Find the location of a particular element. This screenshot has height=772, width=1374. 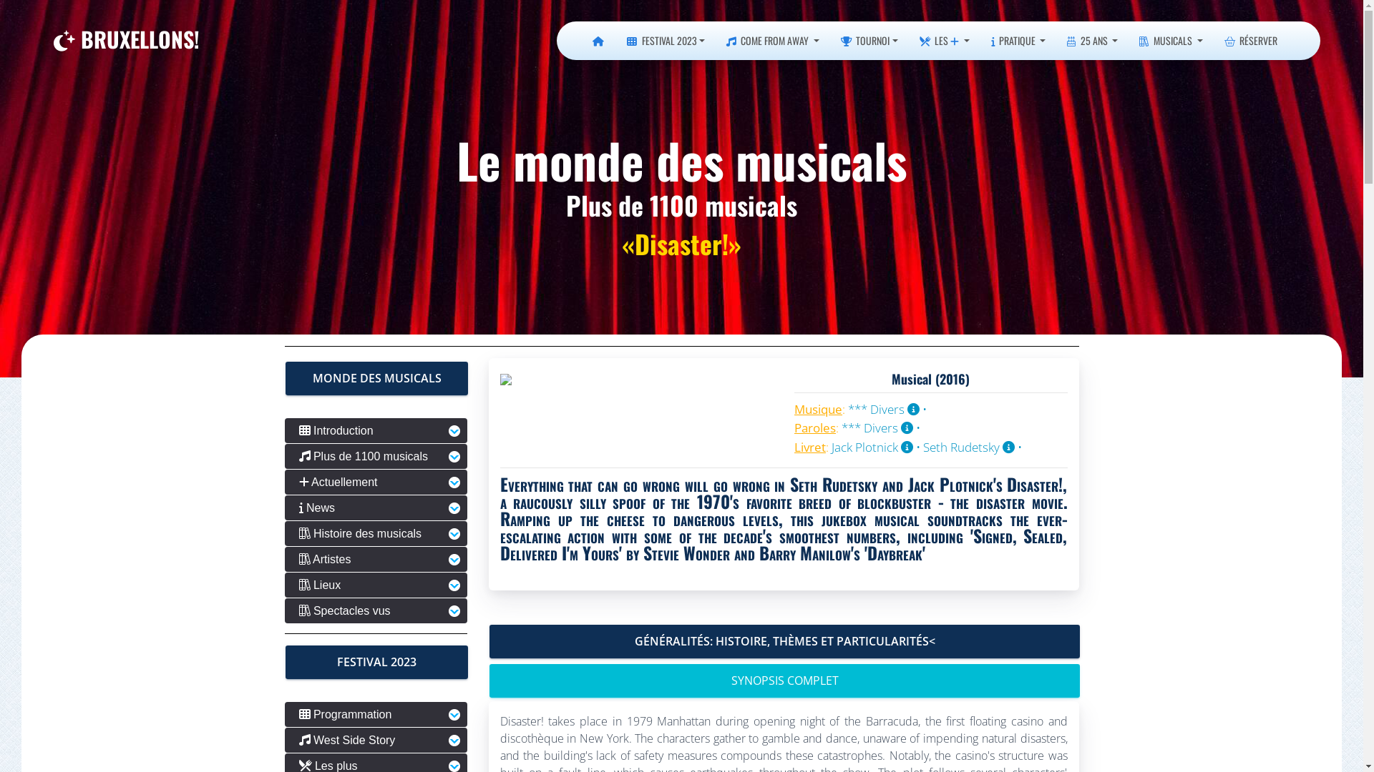

'Actuellement' is located at coordinates (285, 482).